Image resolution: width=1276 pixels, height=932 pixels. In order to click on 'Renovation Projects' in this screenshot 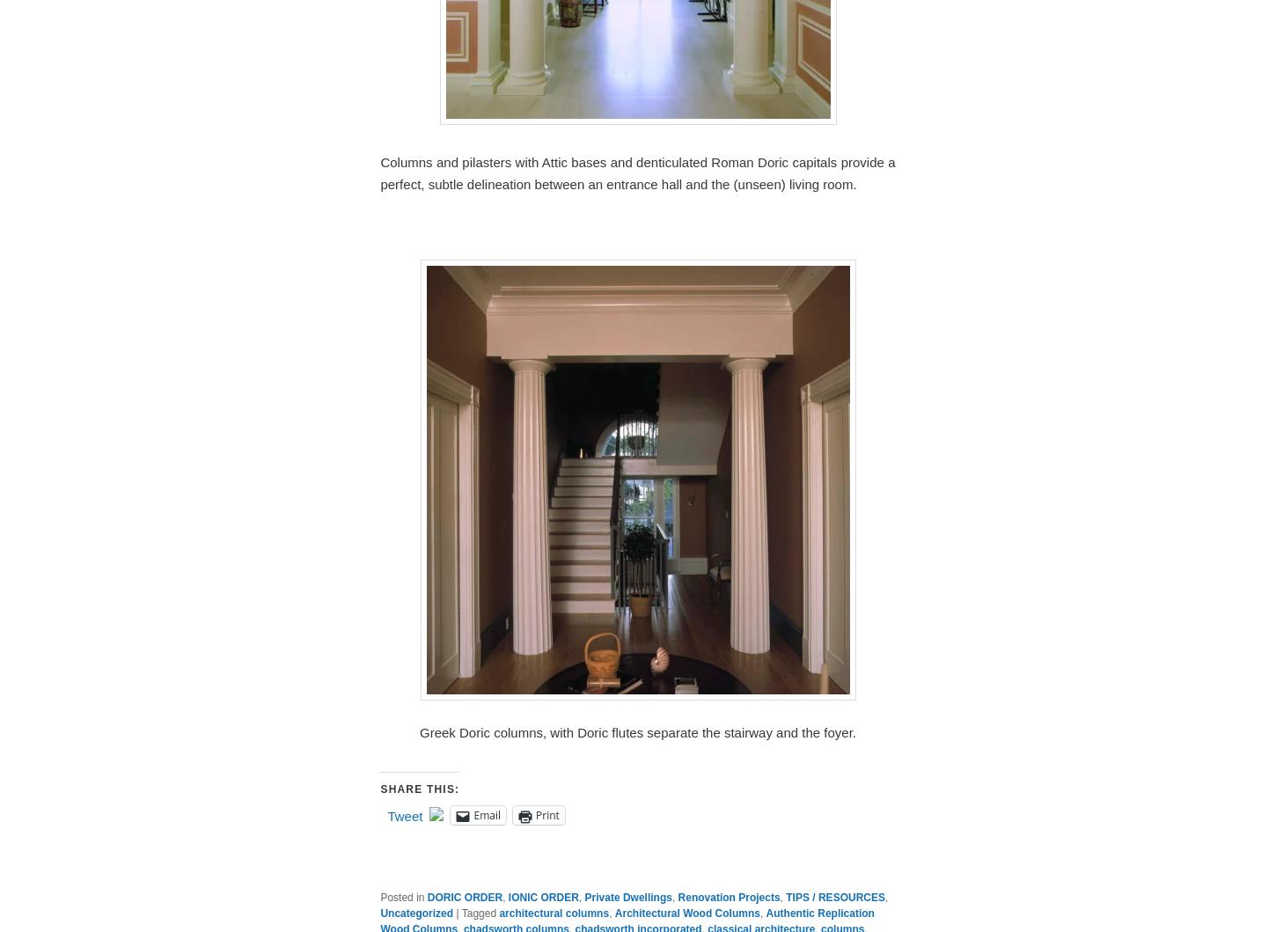, I will do `click(677, 897)`.